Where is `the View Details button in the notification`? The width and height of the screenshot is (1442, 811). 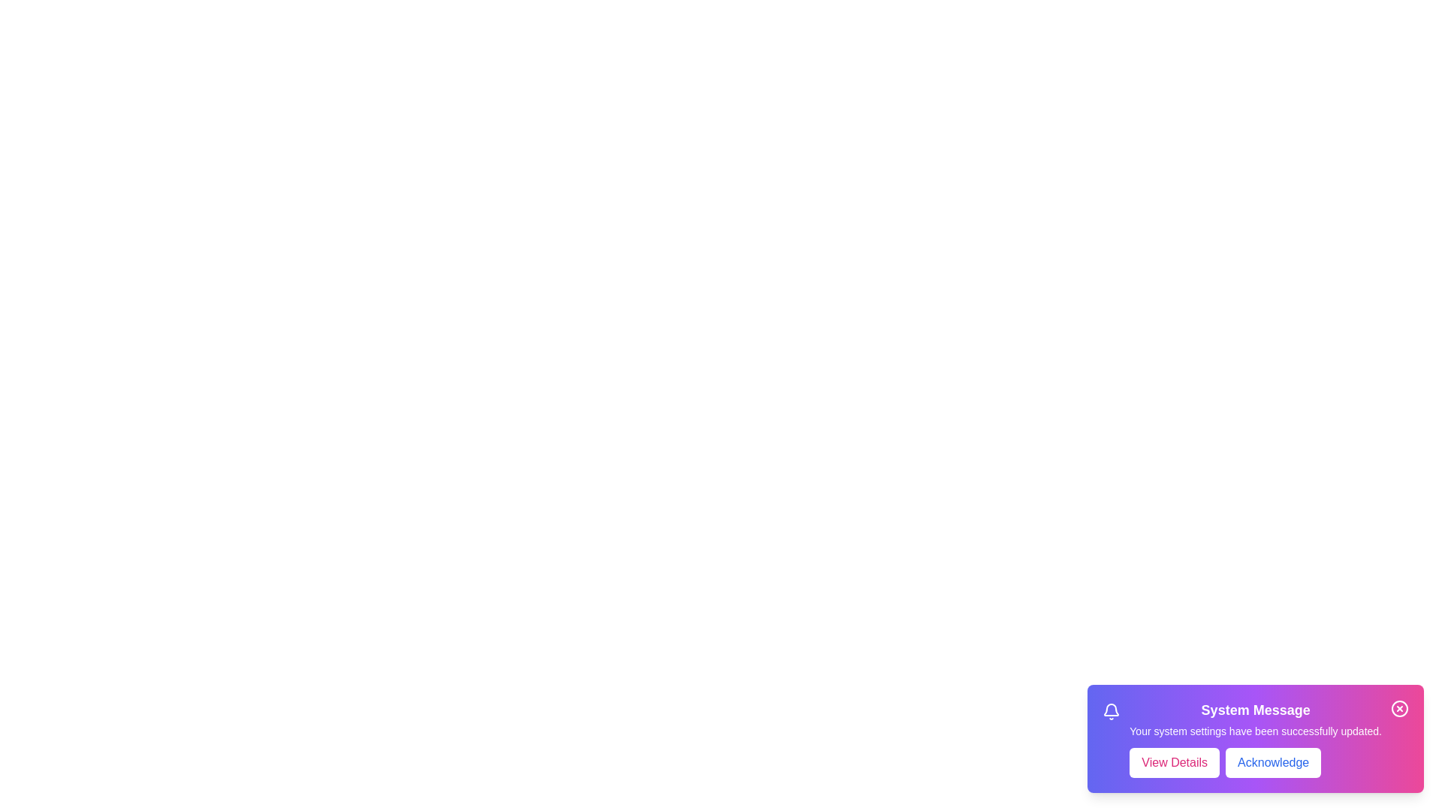 the View Details button in the notification is located at coordinates (1174, 762).